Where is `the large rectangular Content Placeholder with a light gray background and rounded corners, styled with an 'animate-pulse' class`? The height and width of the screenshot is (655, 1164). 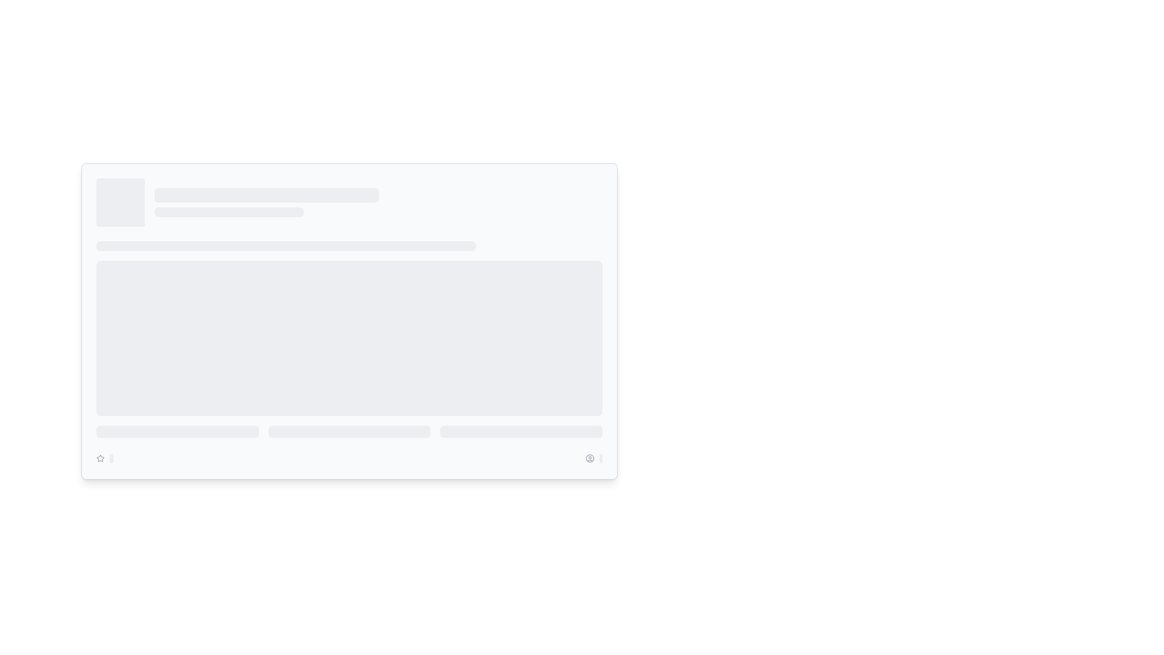 the large rectangular Content Placeholder with a light gray background and rounded corners, styled with an 'animate-pulse' class is located at coordinates (349, 329).